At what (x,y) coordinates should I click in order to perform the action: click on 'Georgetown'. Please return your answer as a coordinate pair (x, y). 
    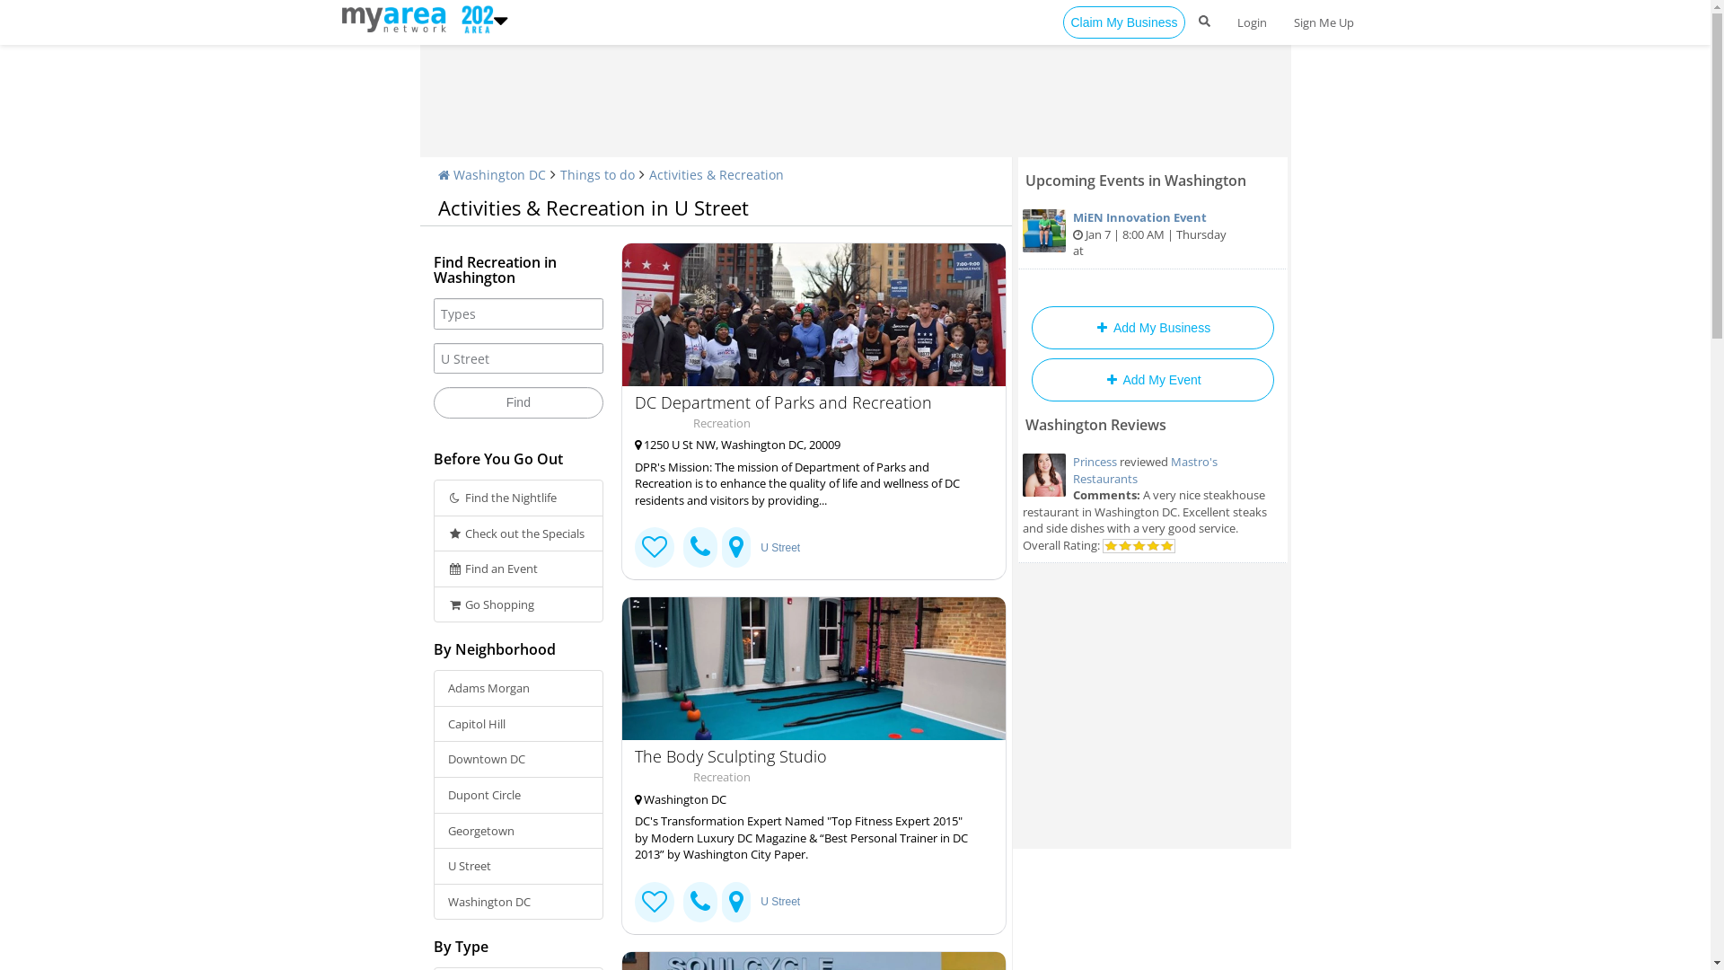
    Looking at the image, I should click on (516, 831).